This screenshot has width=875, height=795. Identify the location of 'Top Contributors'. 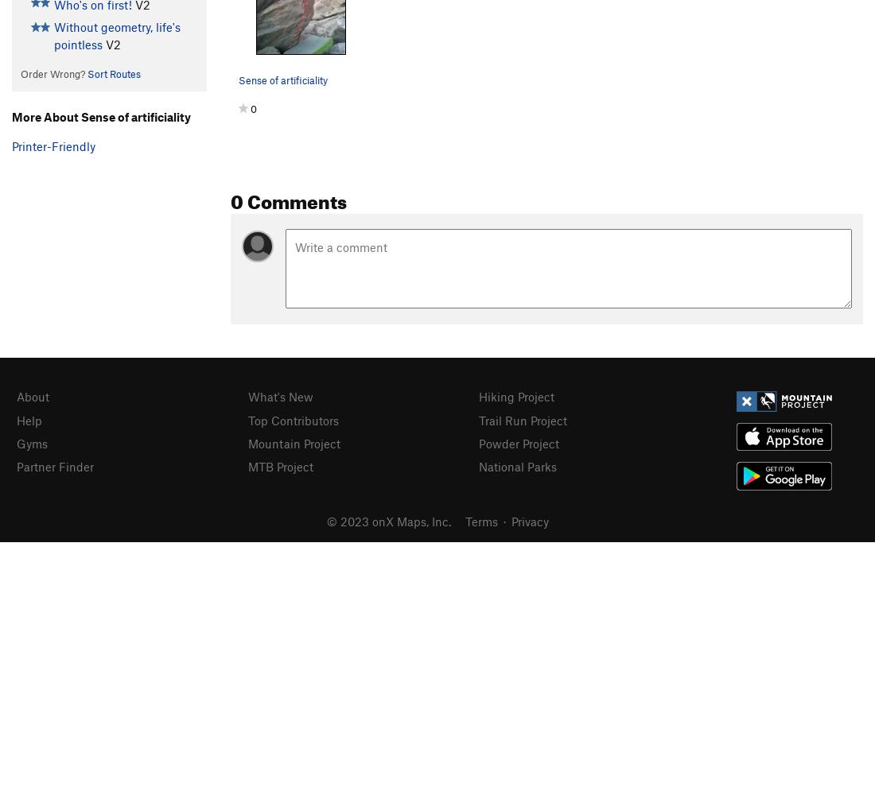
(246, 420).